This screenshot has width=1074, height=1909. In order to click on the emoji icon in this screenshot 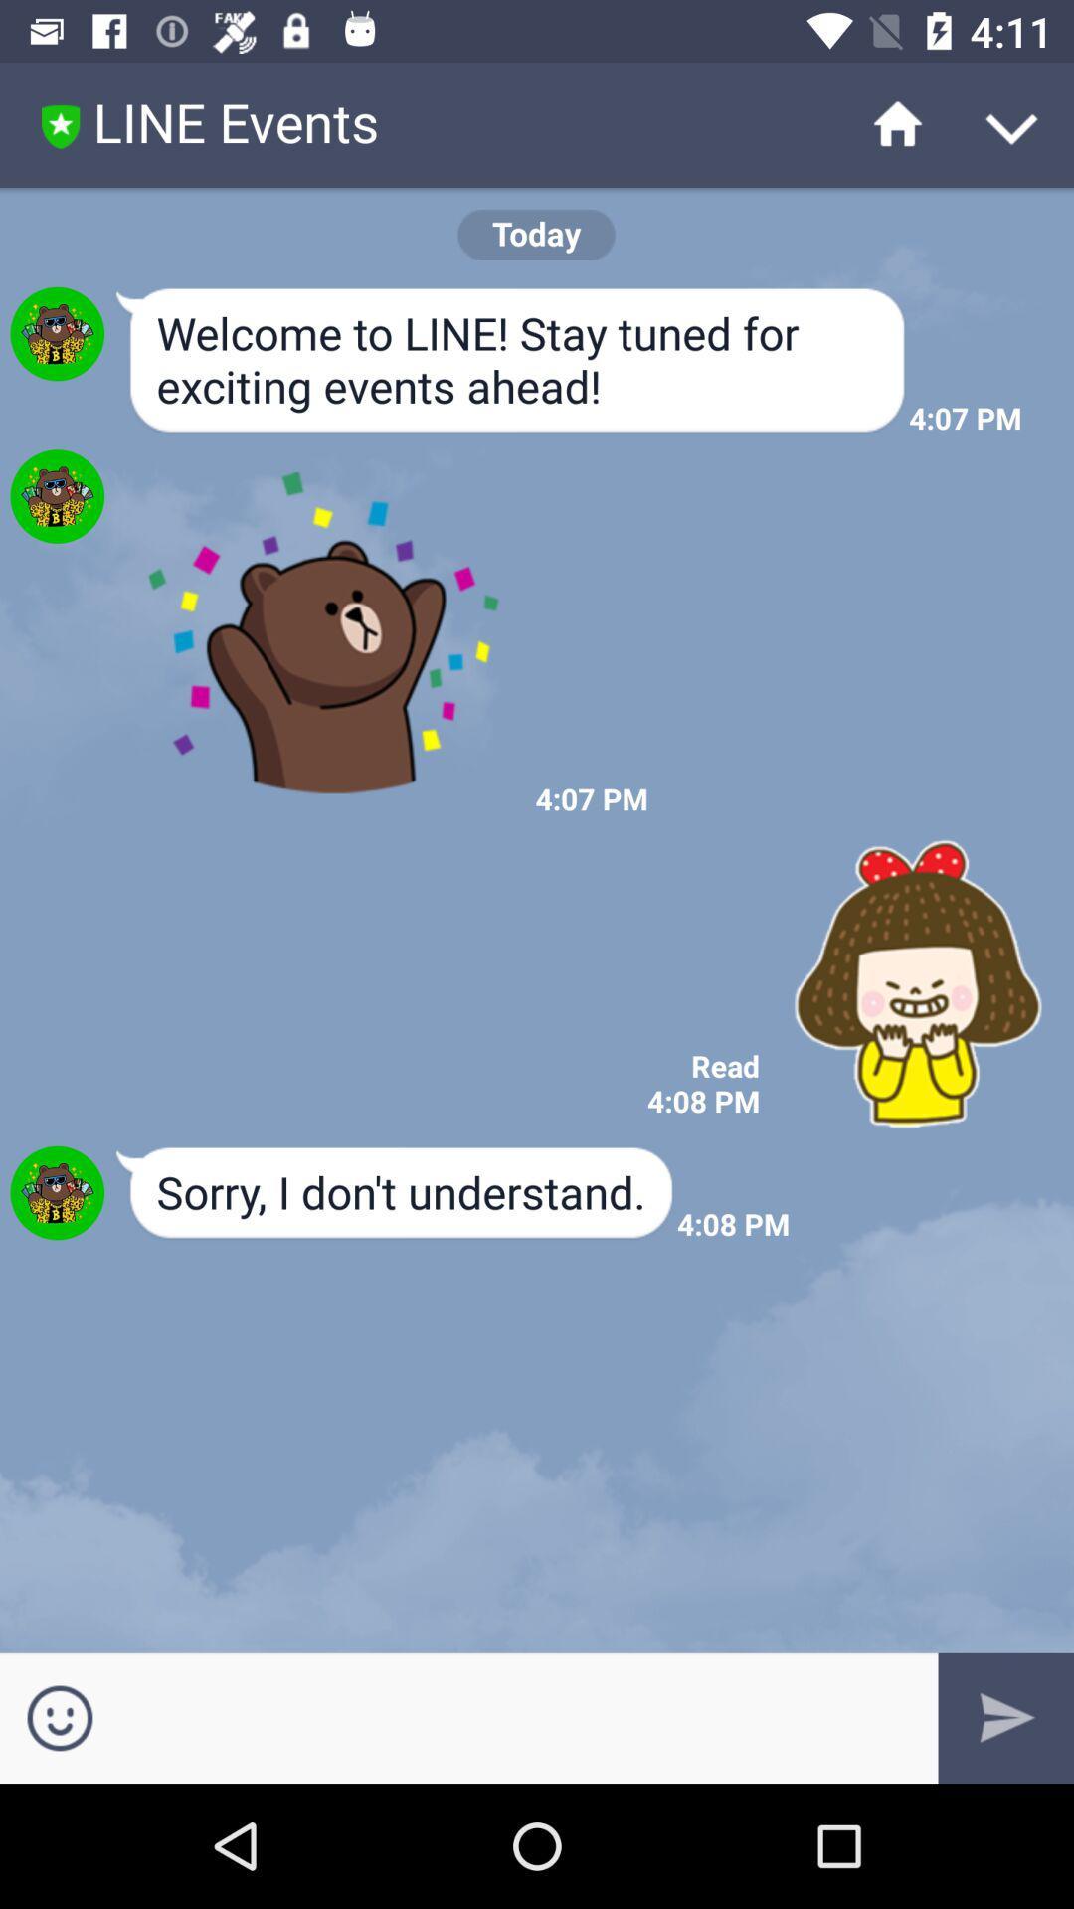, I will do `click(48, 1717)`.